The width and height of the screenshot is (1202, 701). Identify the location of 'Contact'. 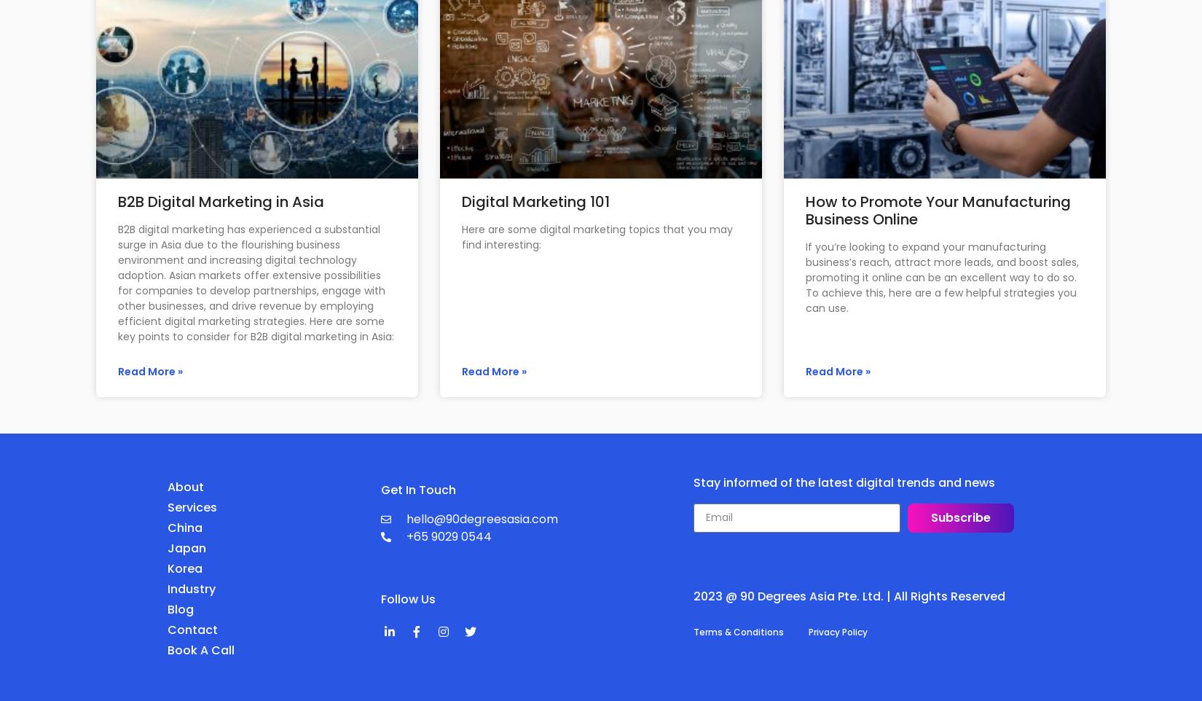
(192, 629).